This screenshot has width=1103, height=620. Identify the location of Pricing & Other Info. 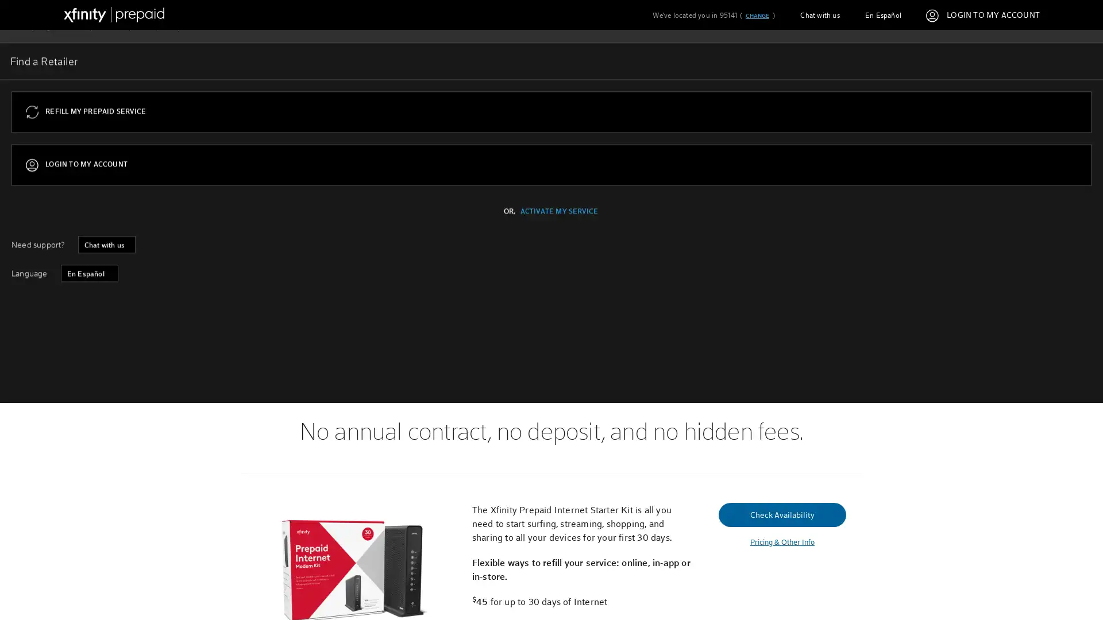
(781, 542).